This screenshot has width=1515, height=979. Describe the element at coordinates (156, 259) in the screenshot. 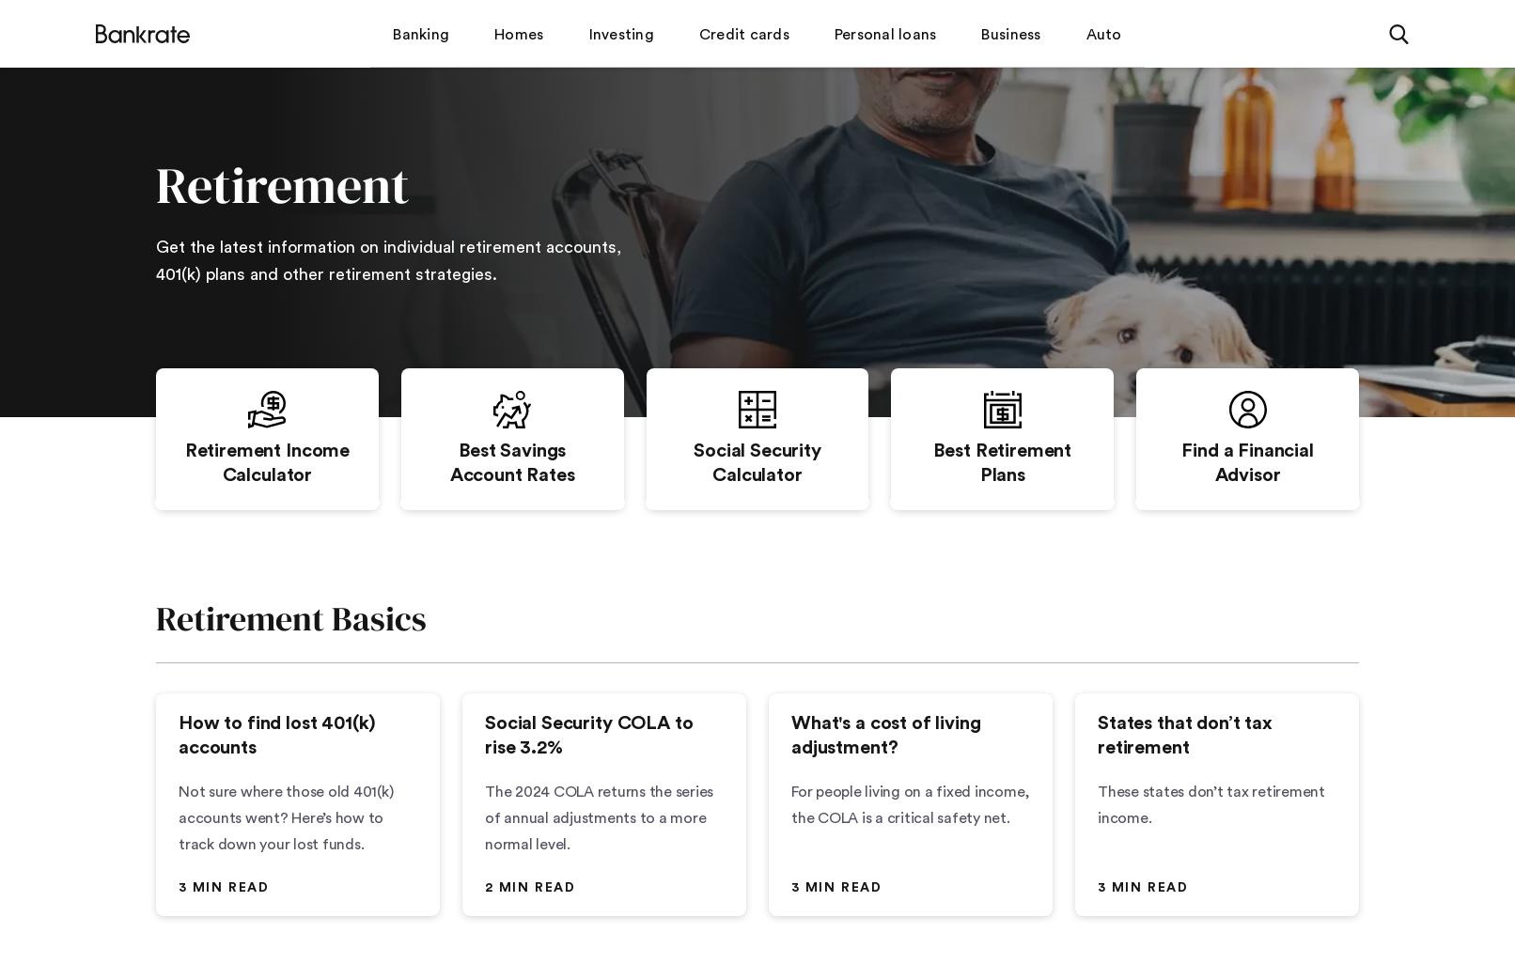

I see `'Get the latest information on individual retirement accounts, 401(k) plans and other retirement strategies.'` at that location.